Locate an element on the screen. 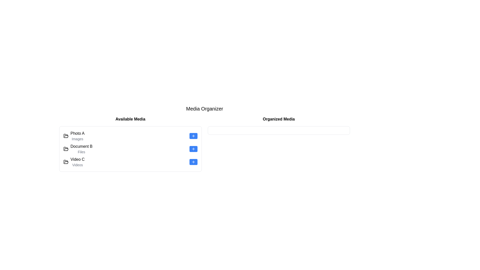 The height and width of the screenshot is (270, 480). the clickable folder representation labeled 'Photo A' located at the top-left corner of the 'Available Media' section is located at coordinates (74, 136).